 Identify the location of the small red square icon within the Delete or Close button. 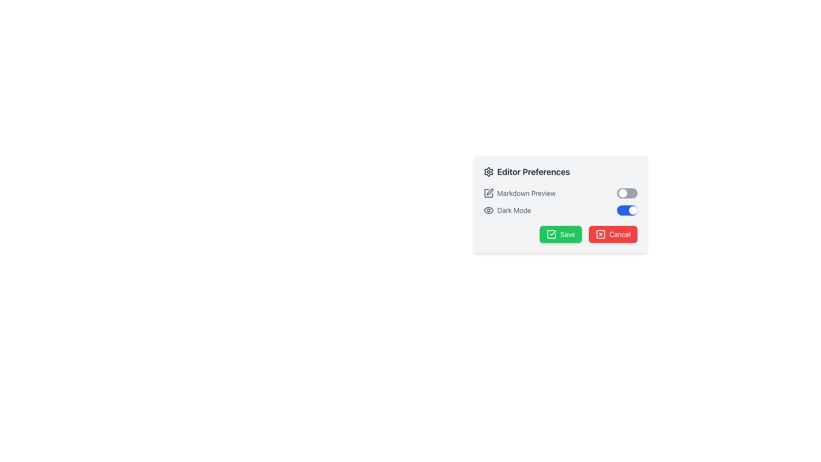
(600, 234).